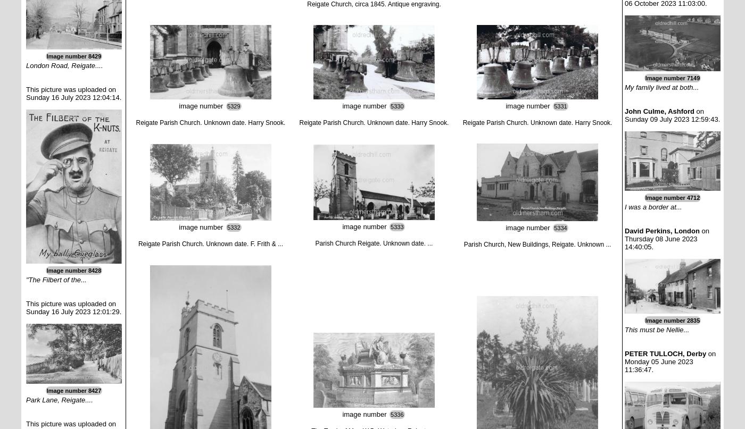  Describe the element at coordinates (672, 319) in the screenshot. I see `'Image number 2835'` at that location.